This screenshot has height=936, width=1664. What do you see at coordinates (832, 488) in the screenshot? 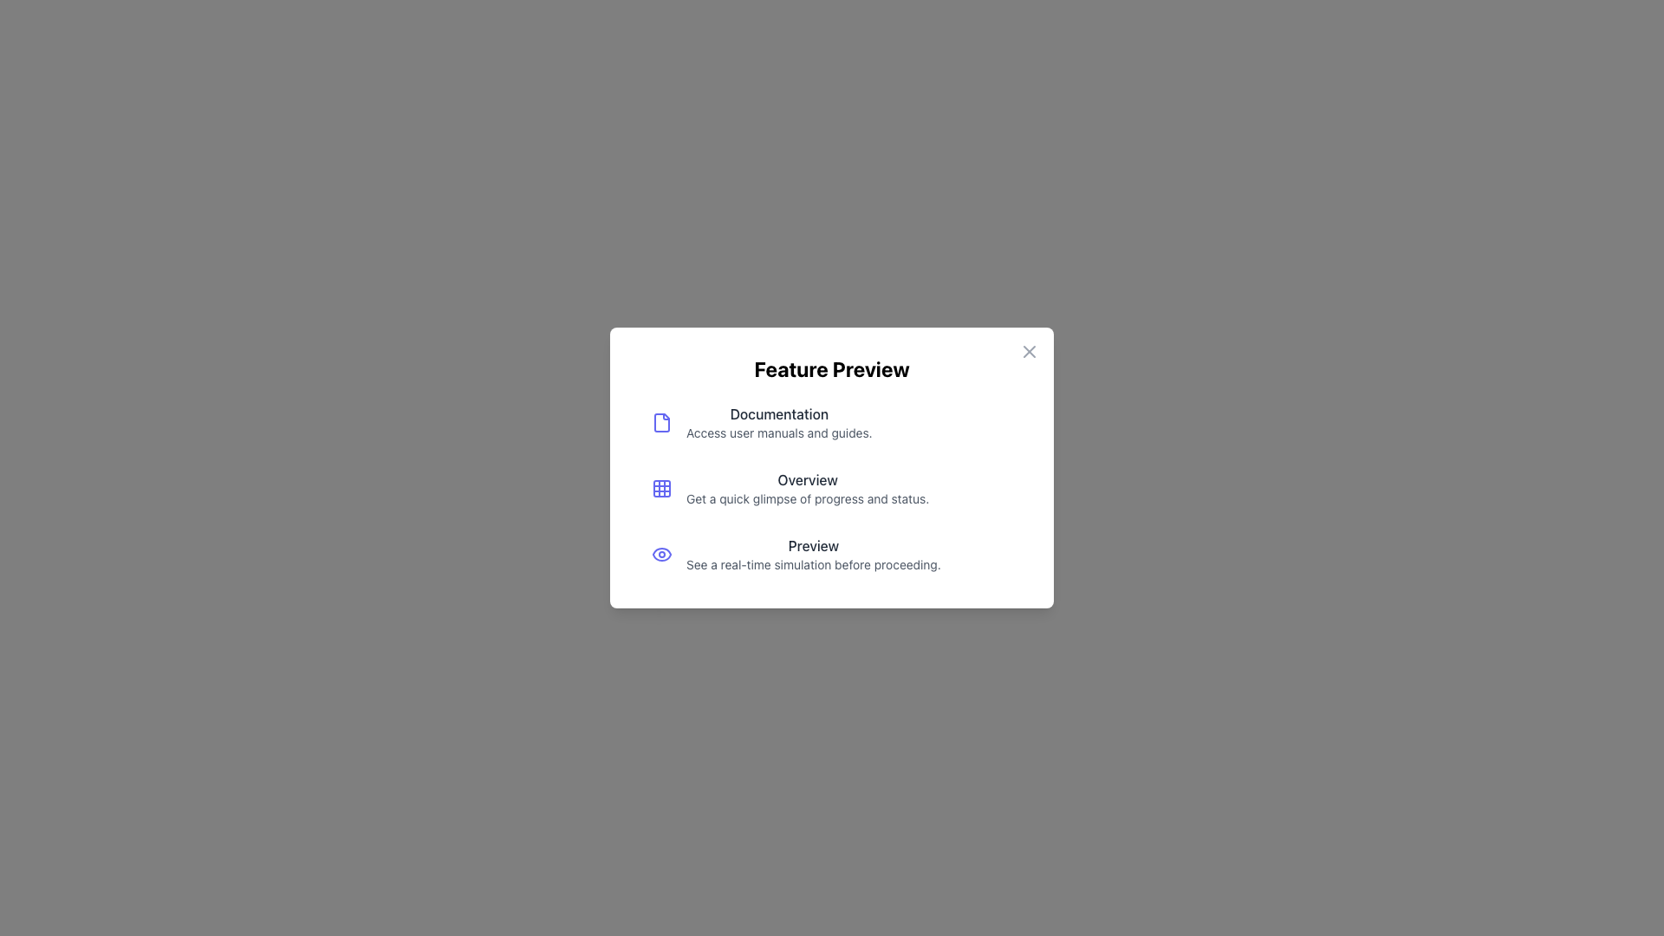
I see `the individual menu items in the vertical stack of three options labeled 'Documentation', 'Overview', and 'Preview' within the dialog box titled 'Feature Preview'` at bounding box center [832, 488].